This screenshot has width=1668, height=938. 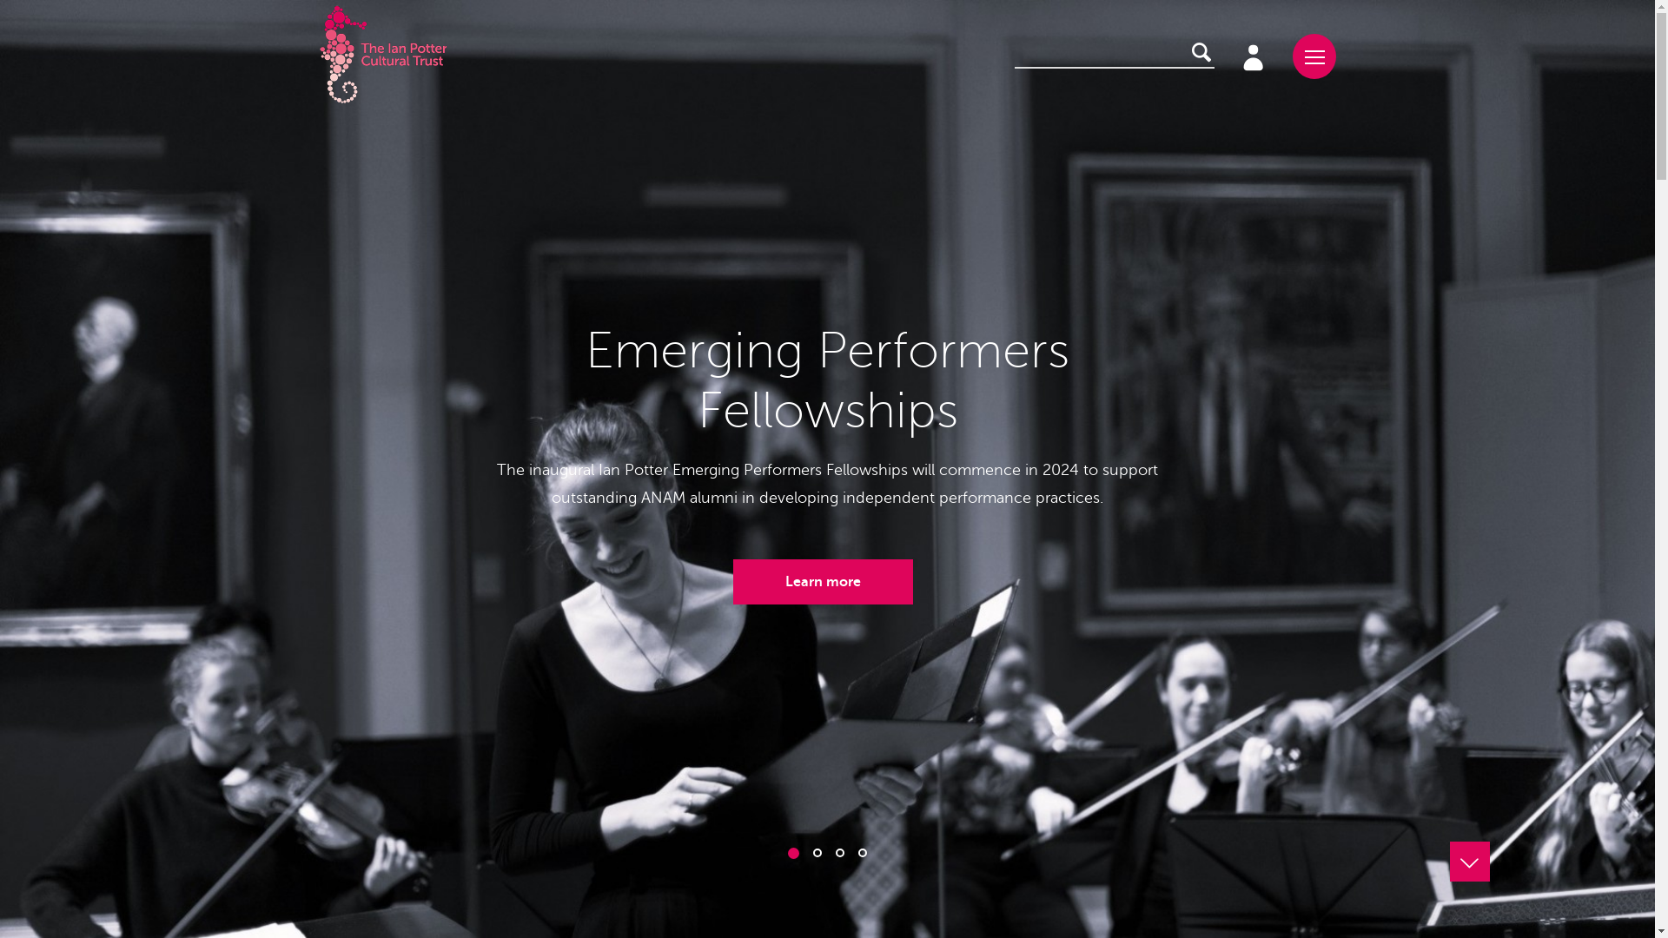 I want to click on '4', so click(x=863, y=852).